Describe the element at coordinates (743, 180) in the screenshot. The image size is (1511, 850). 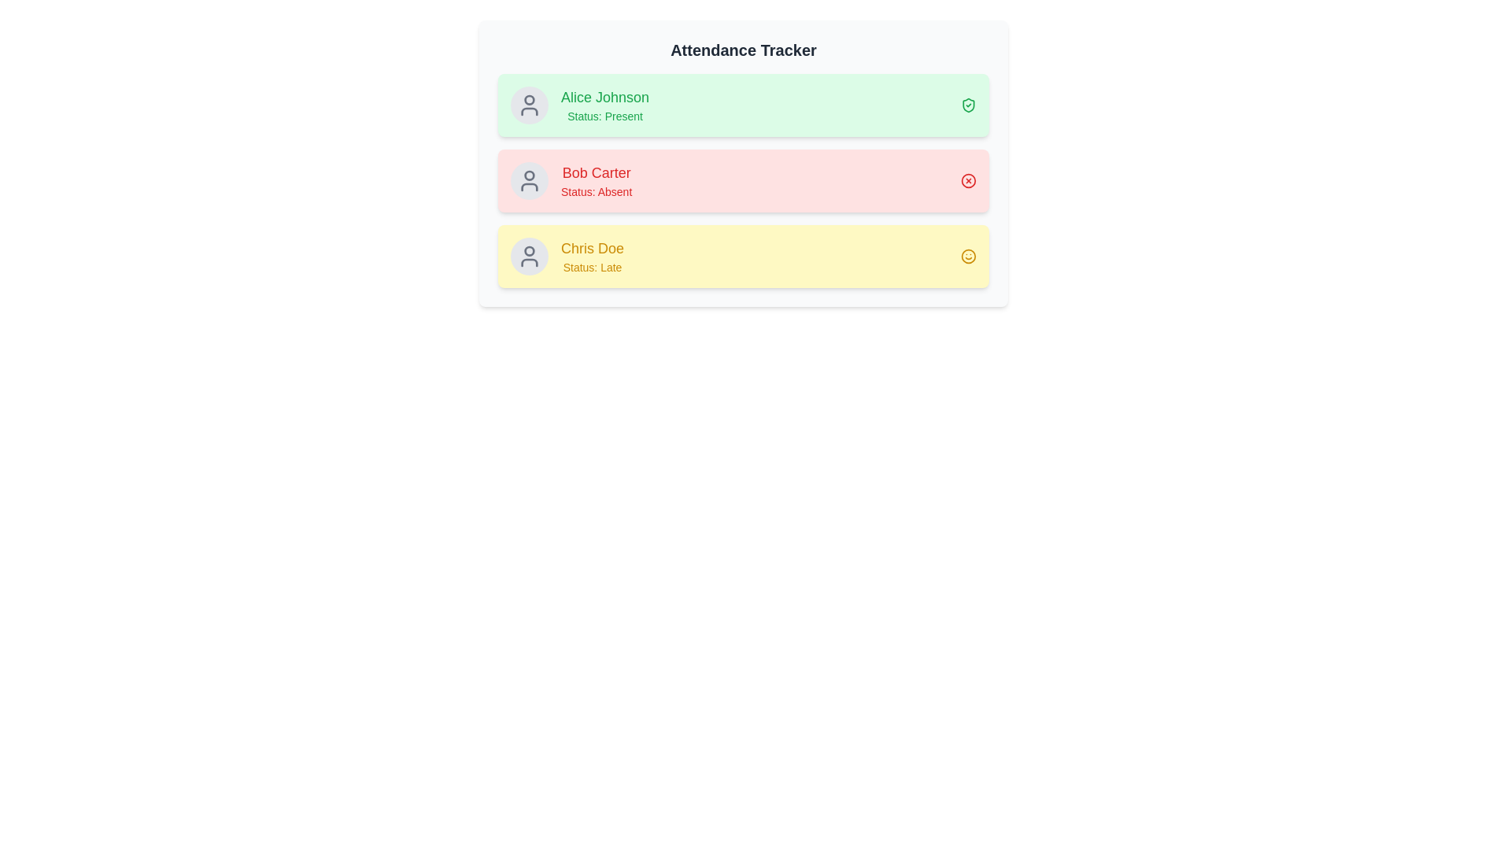
I see `the second list item` at that location.